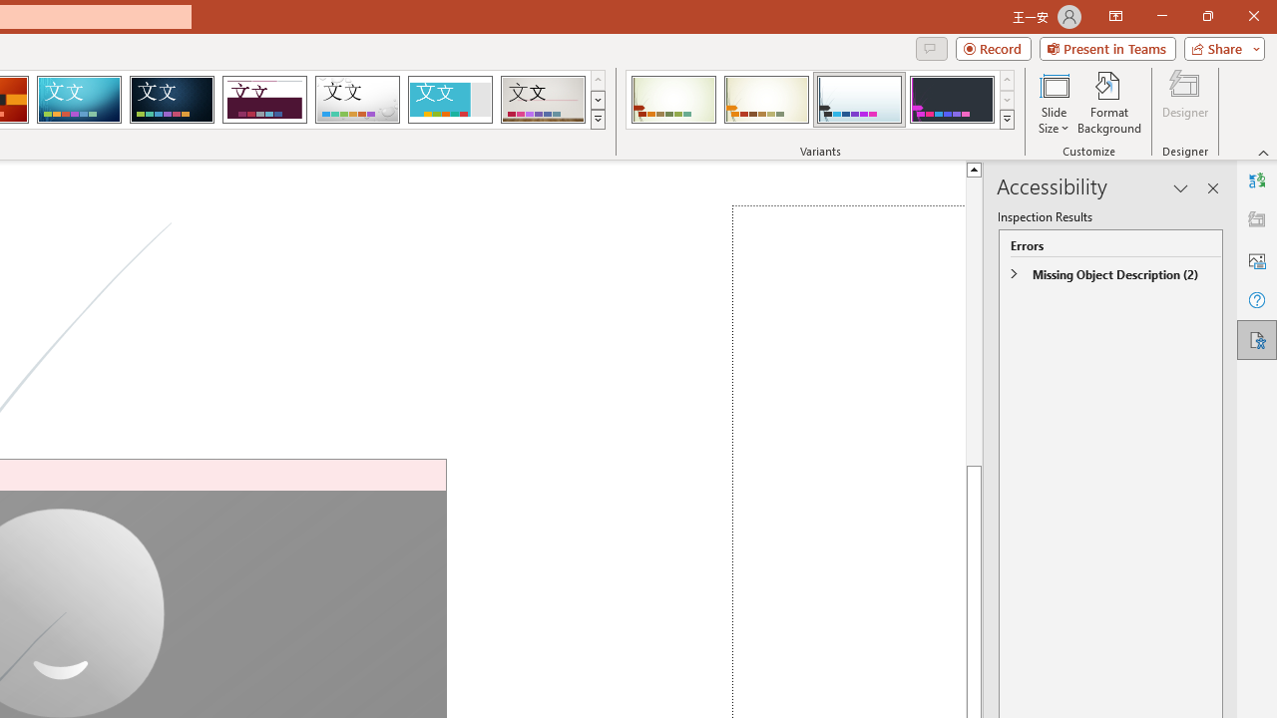 The image size is (1277, 718). Describe the element at coordinates (357, 100) in the screenshot. I see `'Droplet'` at that location.